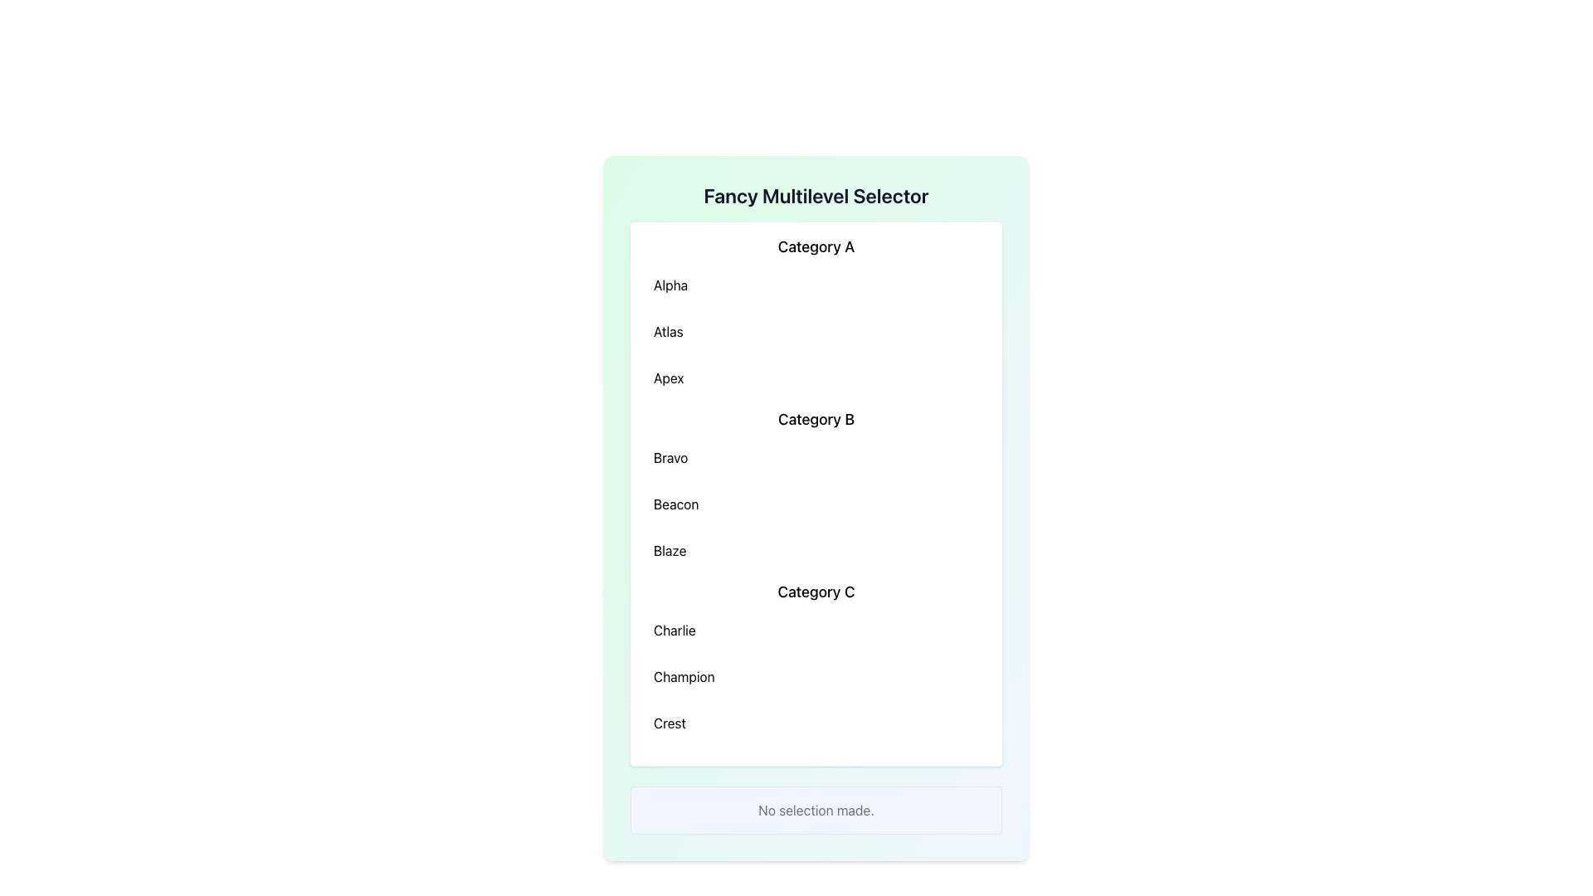  What do you see at coordinates (670, 284) in the screenshot?
I see `the text label displaying 'Alpha', which is the first item in the list under the heading 'Category A'` at bounding box center [670, 284].